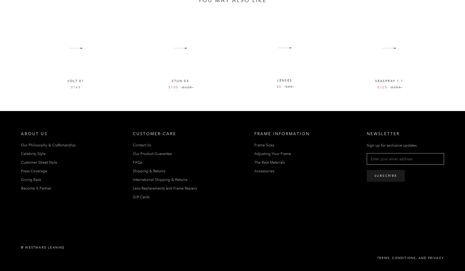 The image size is (465, 271). Describe the element at coordinates (155, 134) in the screenshot. I see `'Customer Care'` at that location.